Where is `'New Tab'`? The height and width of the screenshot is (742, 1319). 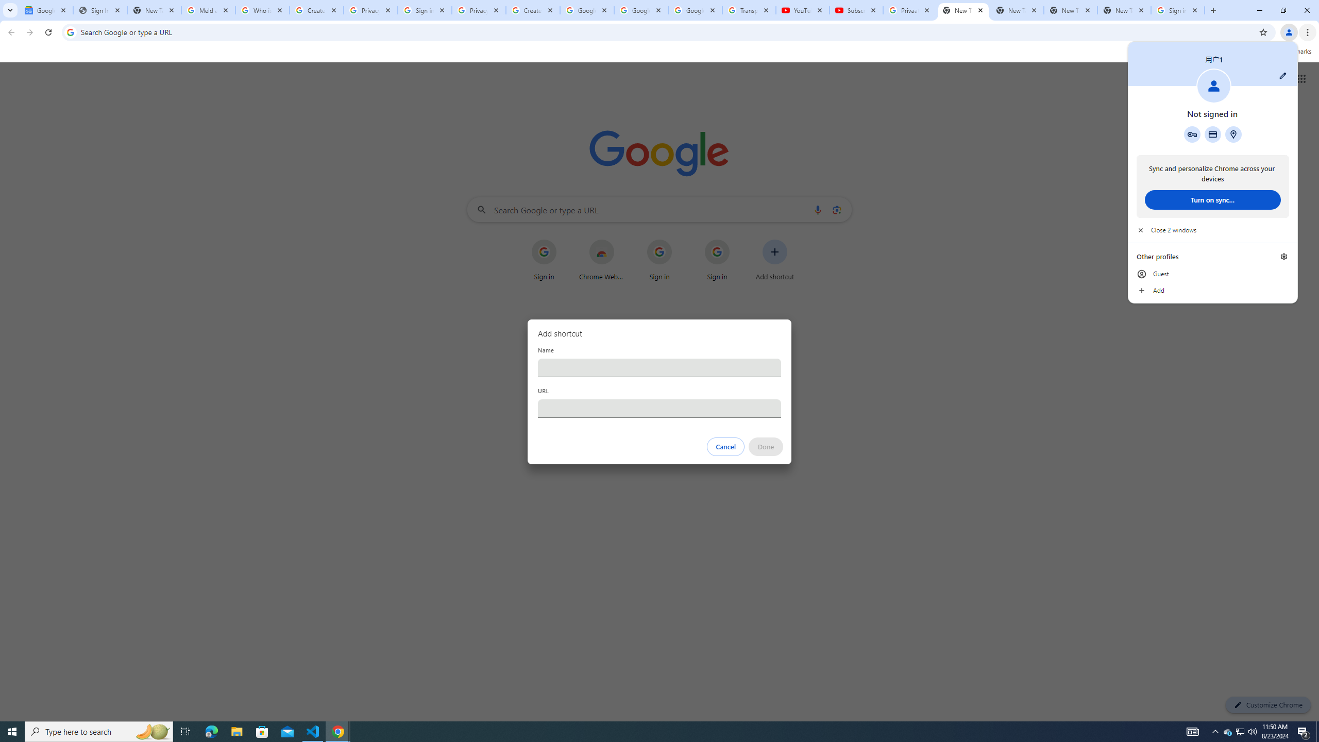
'New Tab' is located at coordinates (963, 10).